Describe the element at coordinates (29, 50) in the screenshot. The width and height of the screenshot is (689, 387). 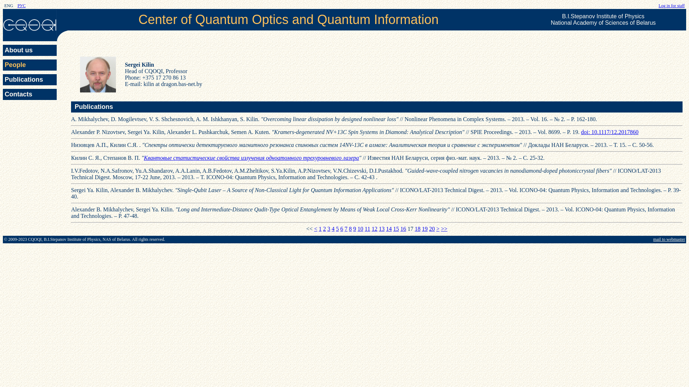
I see `'About us'` at that location.